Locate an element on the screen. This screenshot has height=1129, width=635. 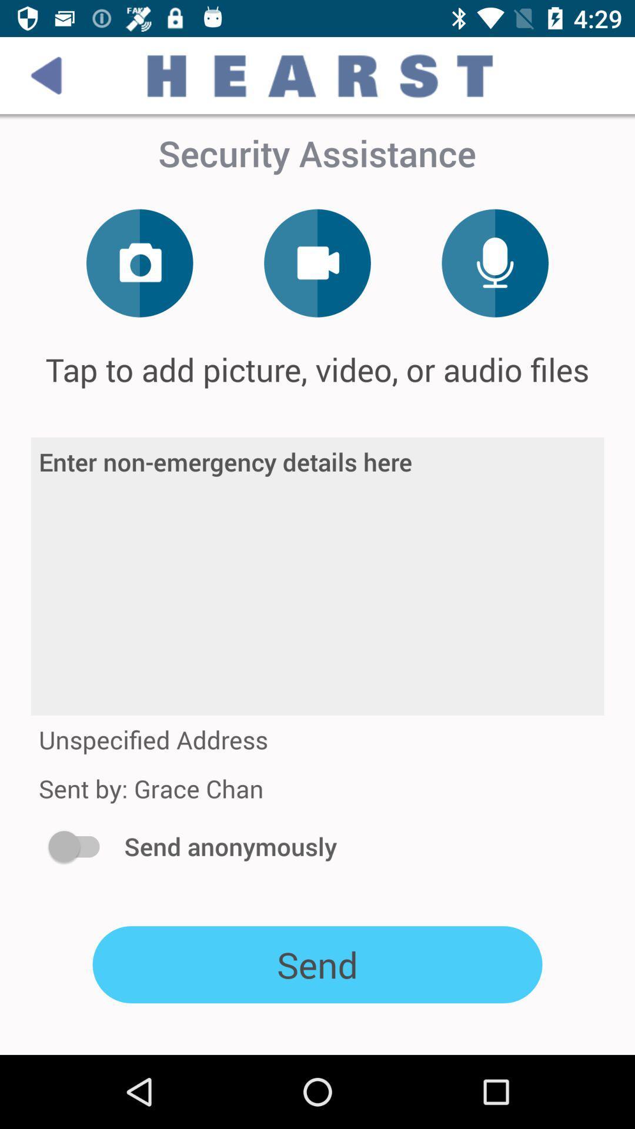
the item next to the send anonymously icon is located at coordinates (79, 846).